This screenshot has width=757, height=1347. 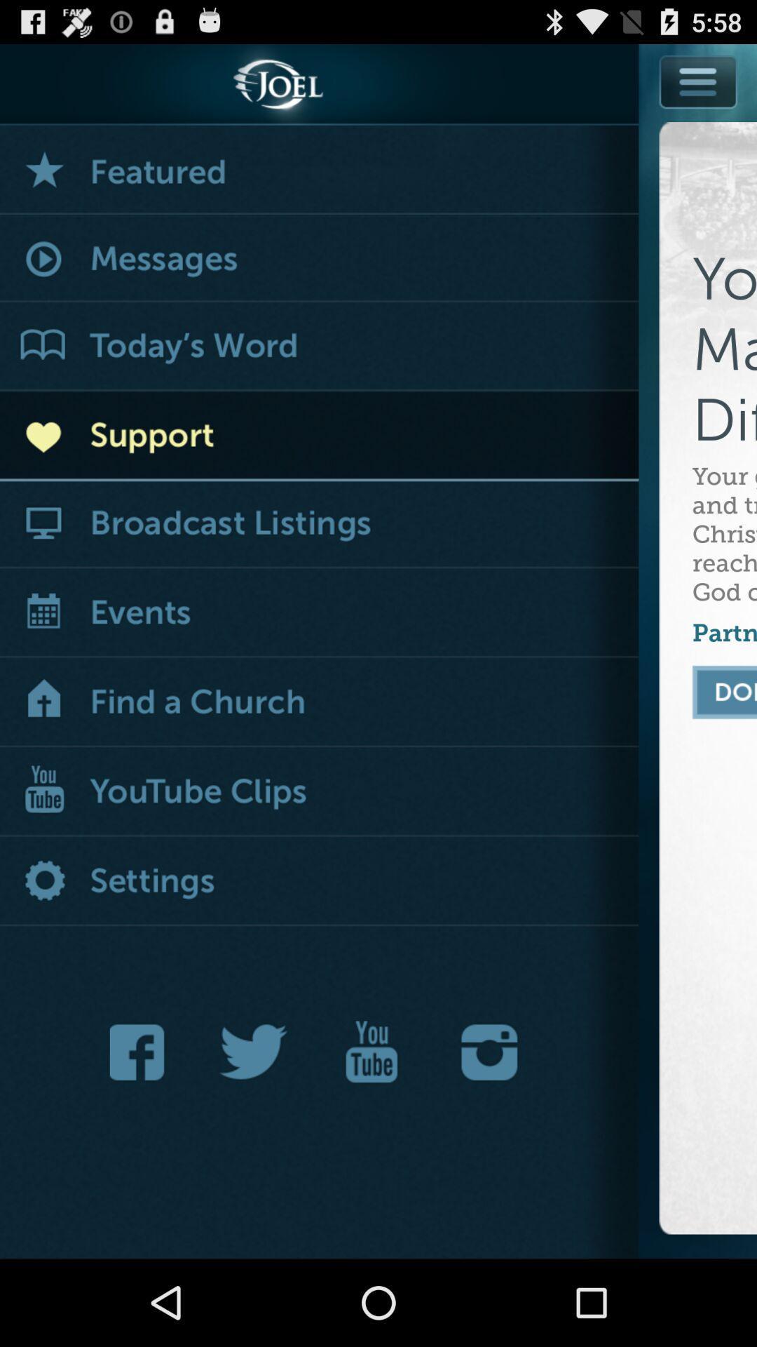 I want to click on visit on facebook, so click(x=141, y=1052).